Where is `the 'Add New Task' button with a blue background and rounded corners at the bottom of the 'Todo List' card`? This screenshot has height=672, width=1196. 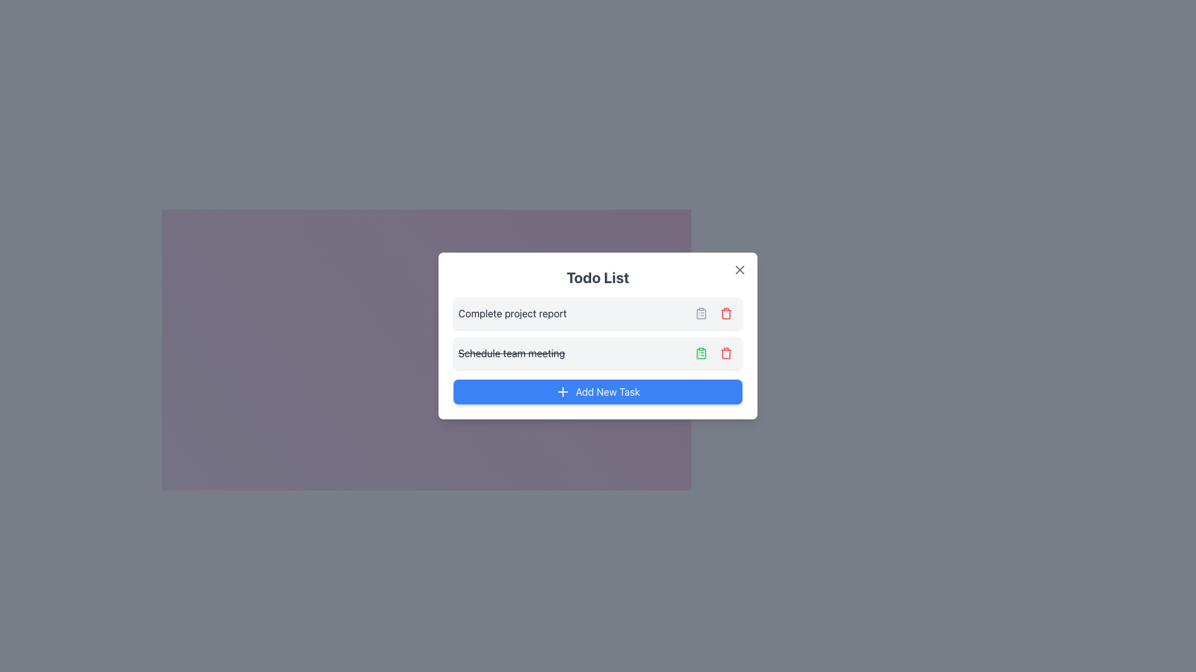
the 'Add New Task' button with a blue background and rounded corners at the bottom of the 'Todo List' card is located at coordinates (598, 391).